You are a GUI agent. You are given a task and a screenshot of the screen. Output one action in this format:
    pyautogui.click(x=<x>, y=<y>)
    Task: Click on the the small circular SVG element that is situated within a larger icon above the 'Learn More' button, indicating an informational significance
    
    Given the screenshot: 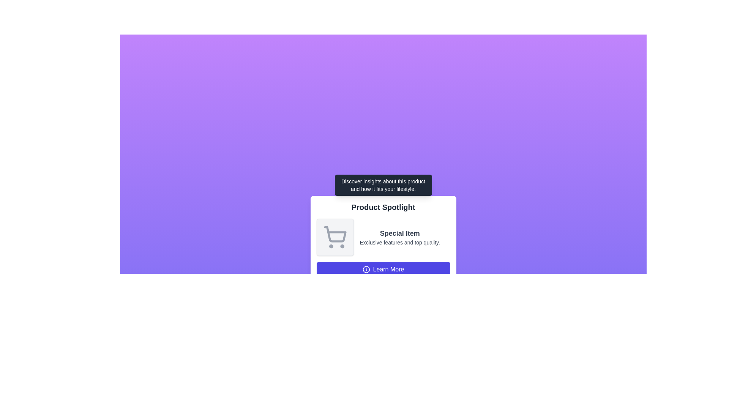 What is the action you would take?
    pyautogui.click(x=366, y=269)
    